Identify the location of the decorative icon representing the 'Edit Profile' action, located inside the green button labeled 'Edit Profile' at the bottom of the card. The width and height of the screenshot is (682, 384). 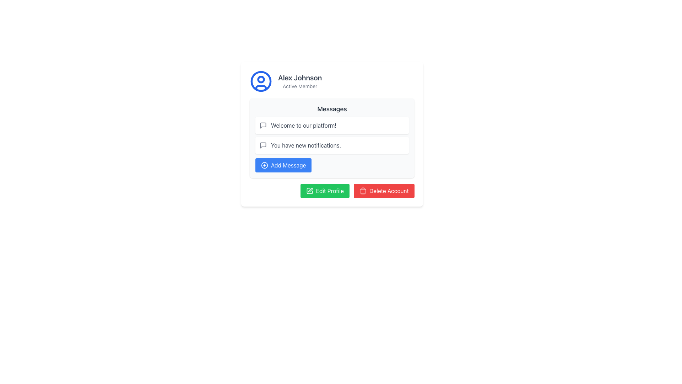
(309, 190).